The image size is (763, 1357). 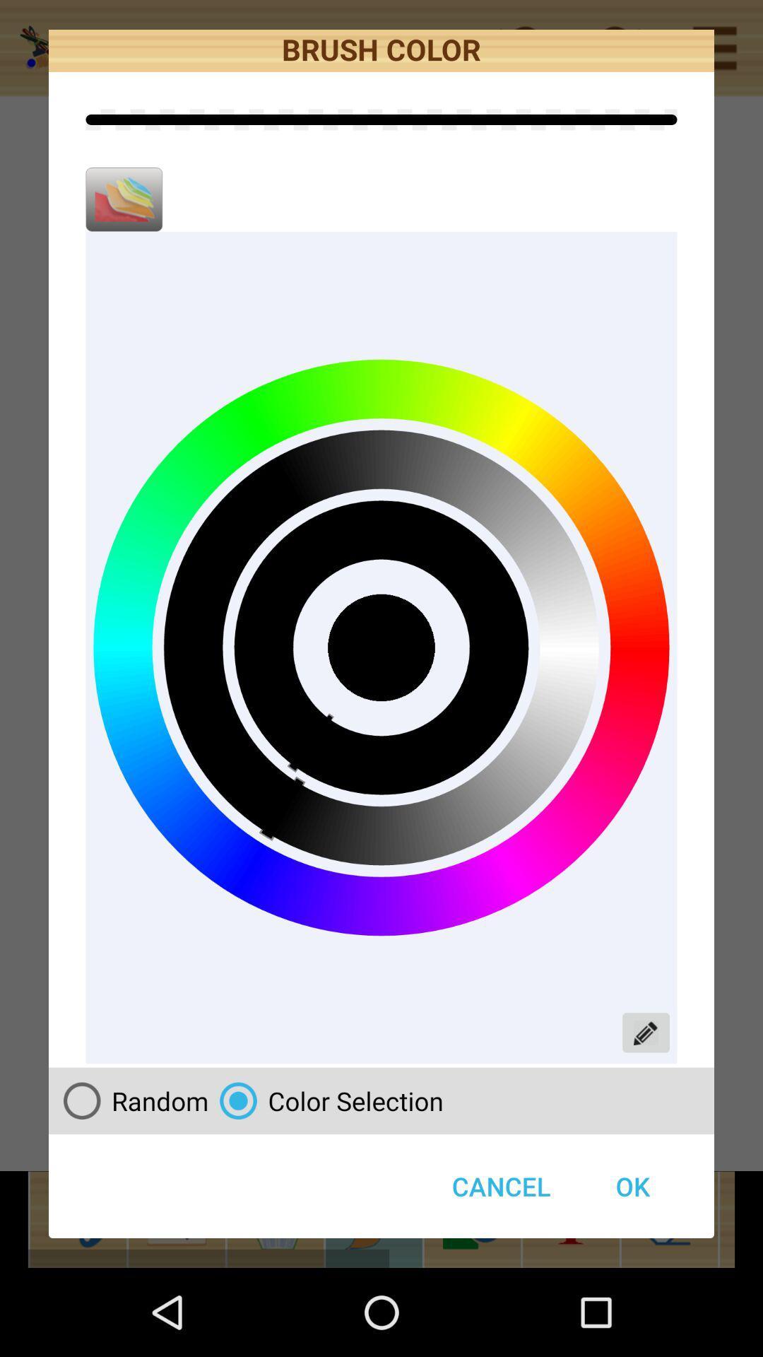 I want to click on color selection radio button, so click(x=326, y=1100).